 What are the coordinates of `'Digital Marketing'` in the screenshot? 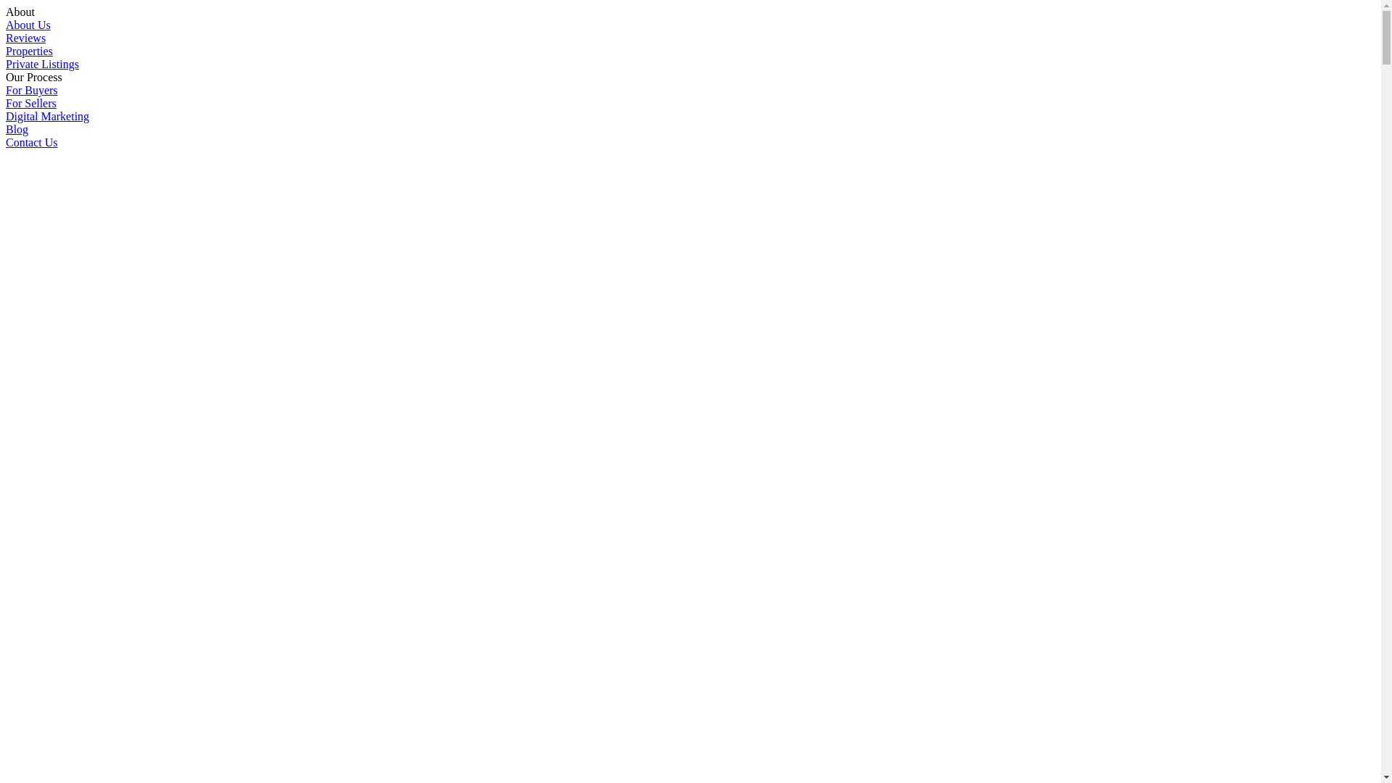 It's located at (47, 115).